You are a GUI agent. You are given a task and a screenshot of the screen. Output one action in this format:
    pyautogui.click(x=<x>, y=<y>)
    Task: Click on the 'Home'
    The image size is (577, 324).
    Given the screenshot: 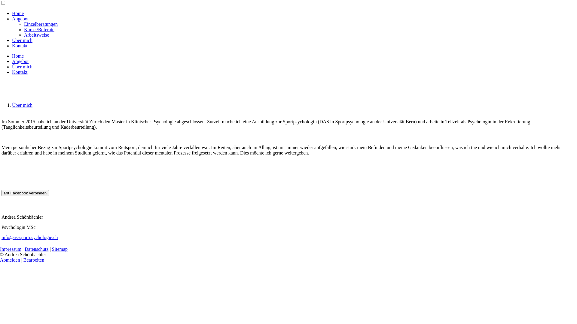 What is the action you would take?
    pyautogui.click(x=12, y=56)
    